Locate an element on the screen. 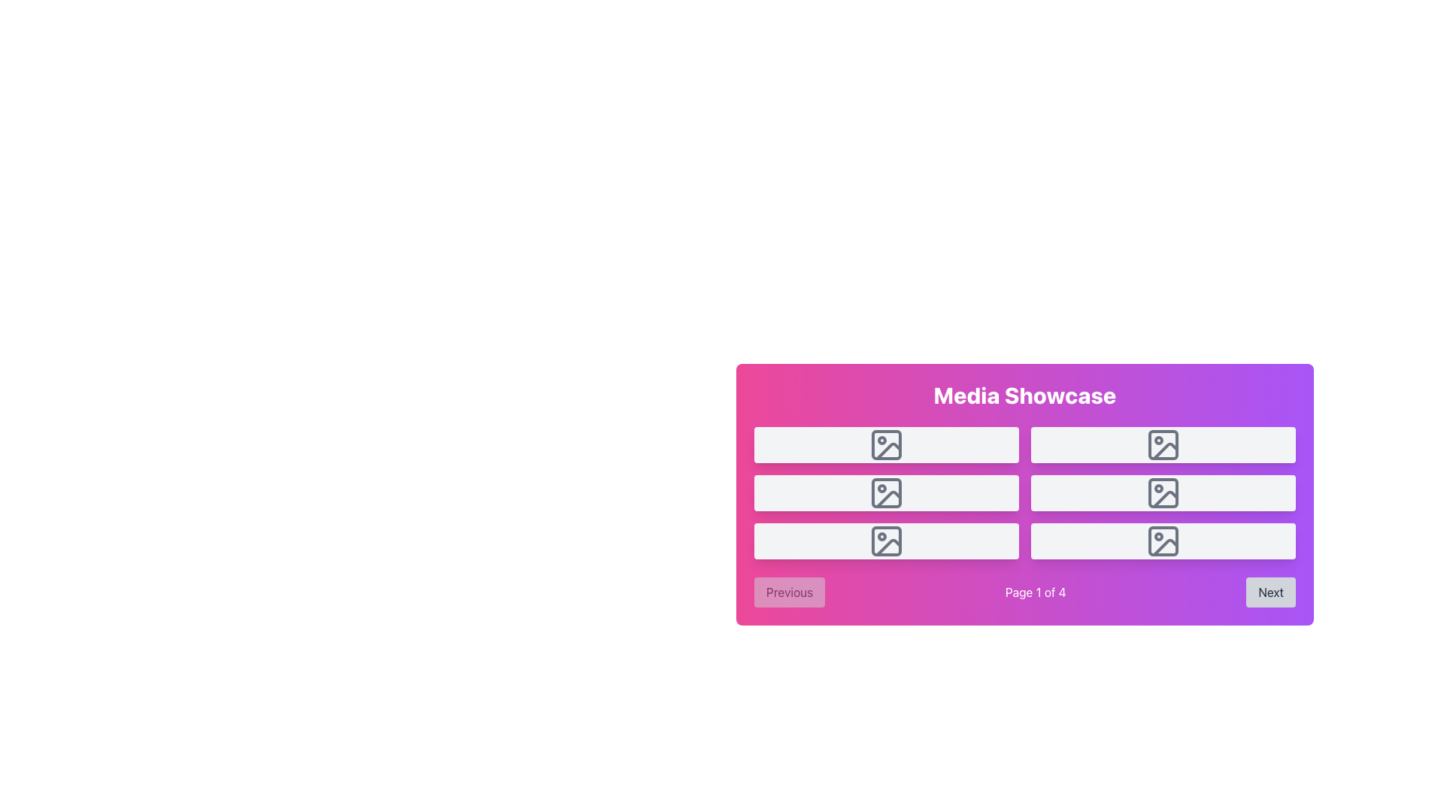 The image size is (1444, 812). the Icon element representing a photo in the 'Media Showcase' grid, which is a sleek gray image icon styled as a picture frame with a circle and a line is located at coordinates (1162, 492).